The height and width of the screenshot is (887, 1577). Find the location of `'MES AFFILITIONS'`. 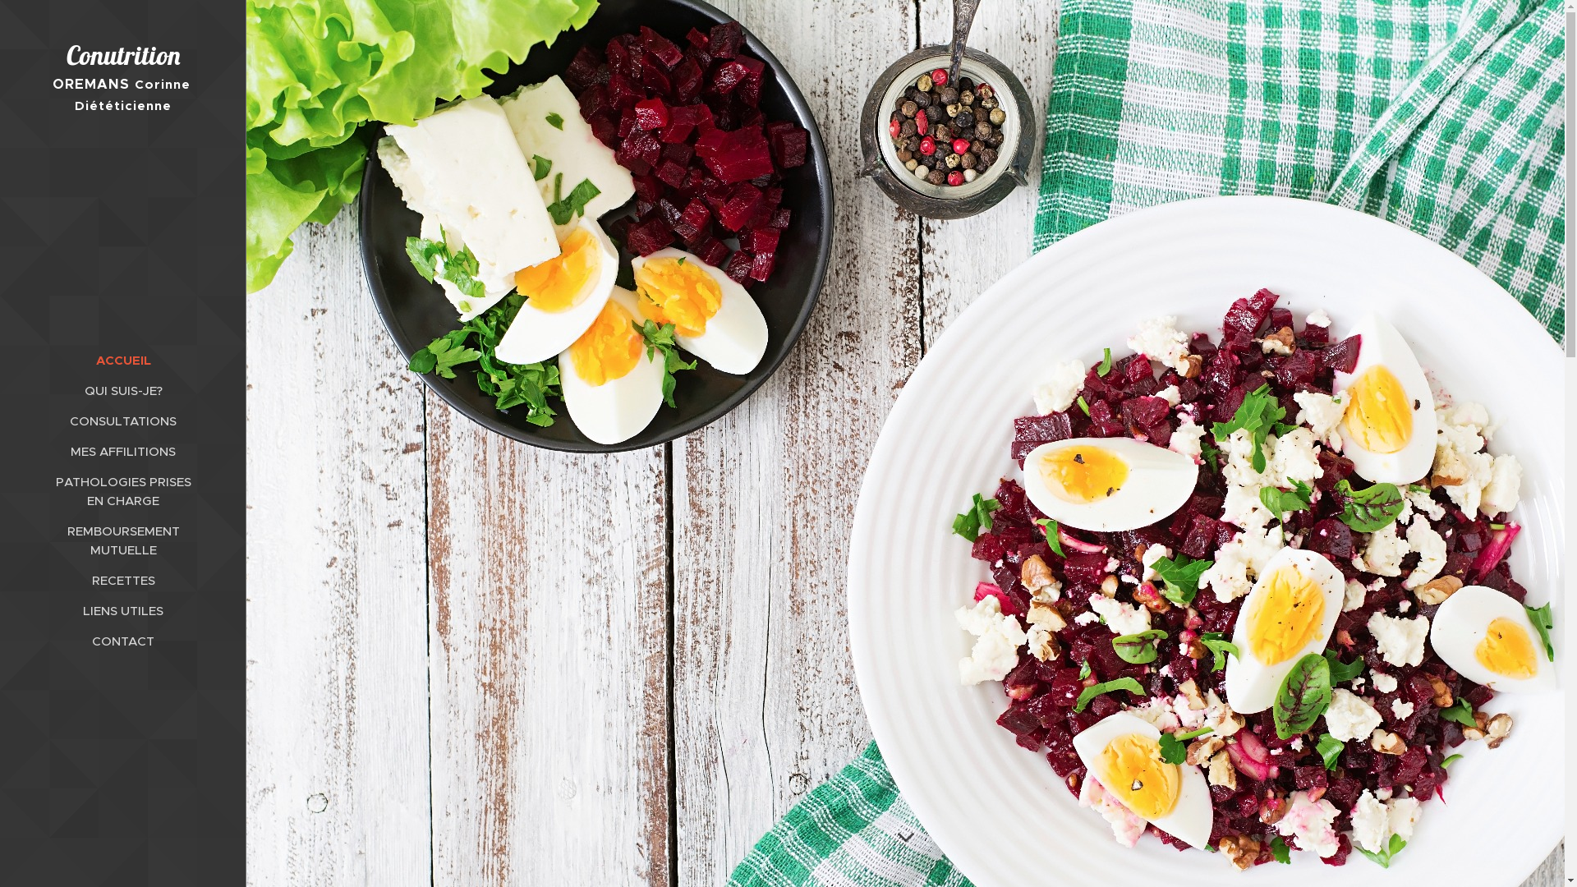

'MES AFFILITIONS' is located at coordinates (122, 451).